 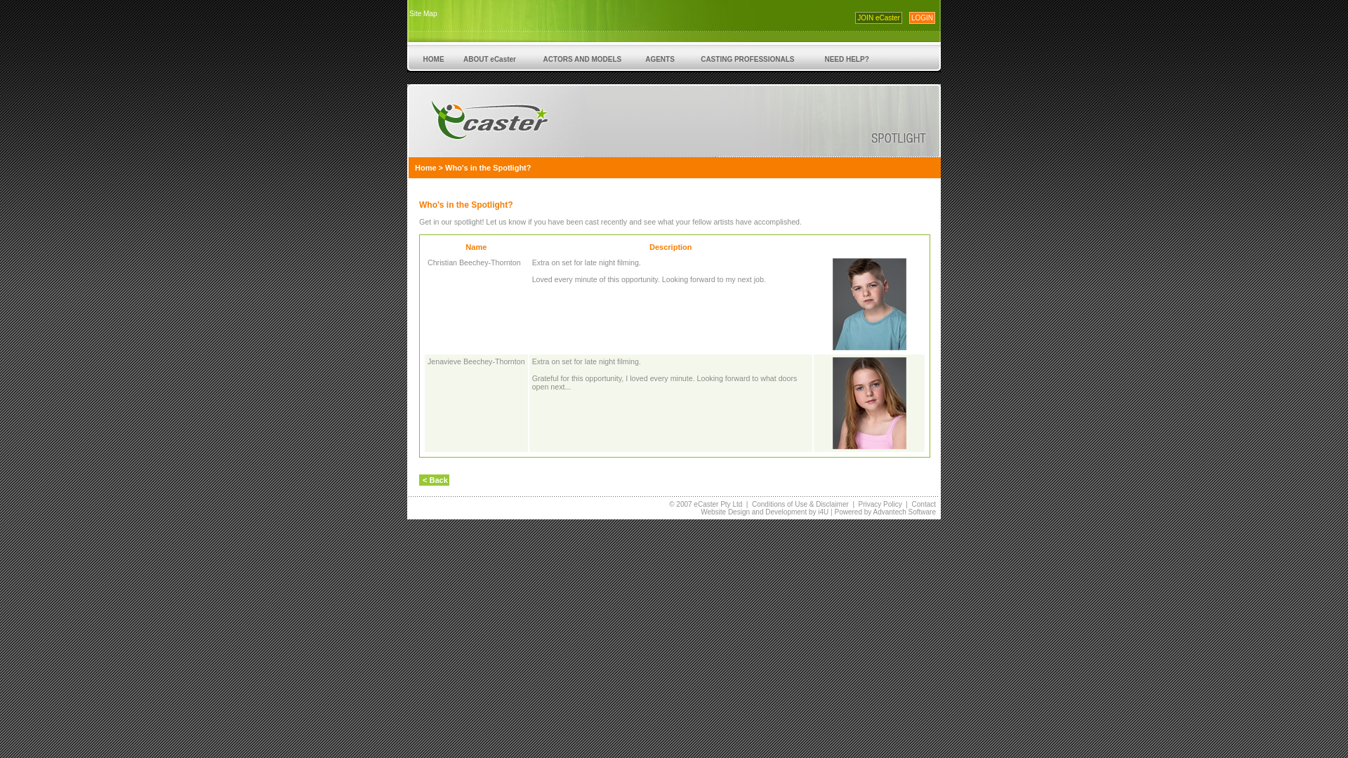 What do you see at coordinates (488, 167) in the screenshot?
I see `'Who's in the Spotlight?'` at bounding box center [488, 167].